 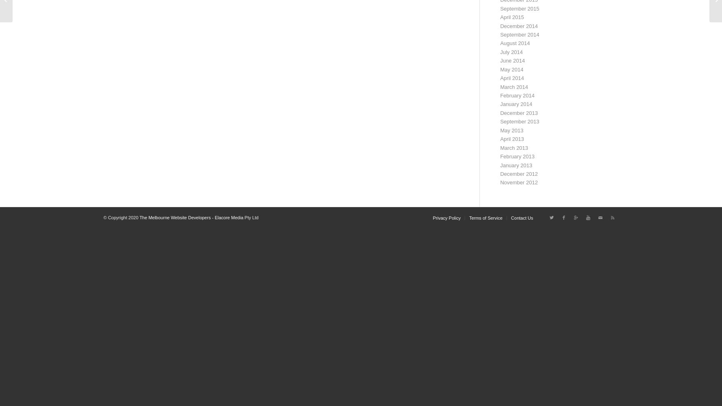 What do you see at coordinates (519, 25) in the screenshot?
I see `'December 2014'` at bounding box center [519, 25].